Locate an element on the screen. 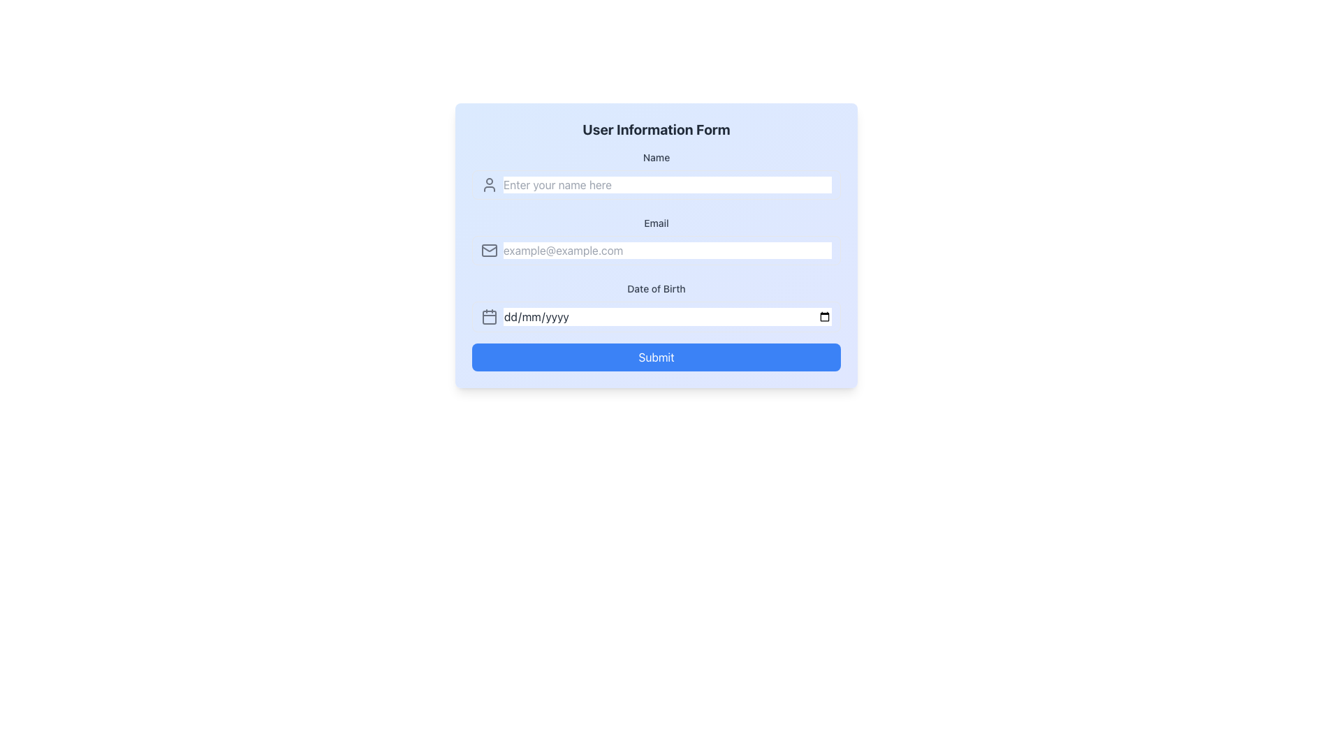 The width and height of the screenshot is (1341, 754). the date input field labeled 'Date of Birth' with a placeholder 'dd/mm/yyyy' to activate it is located at coordinates (666, 317).